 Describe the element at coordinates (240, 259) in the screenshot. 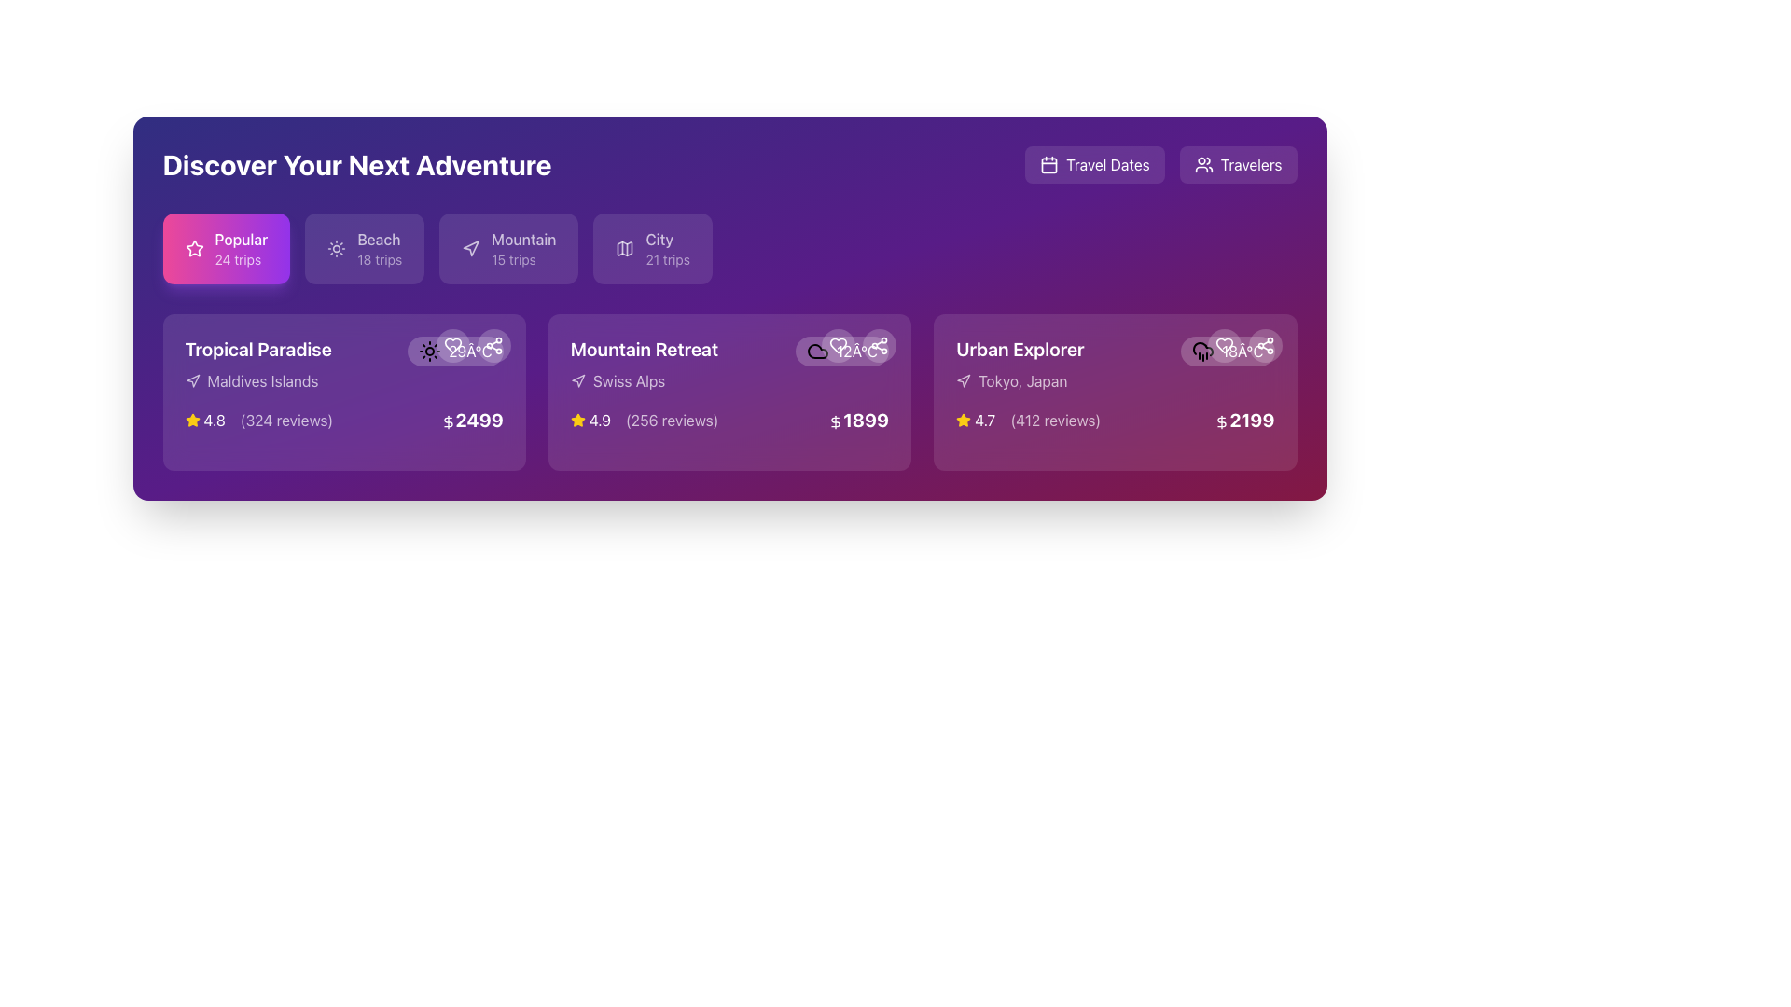

I see `the text label displaying '24 trips' located directly under the word 'Popular' within a pink button-like area` at that location.